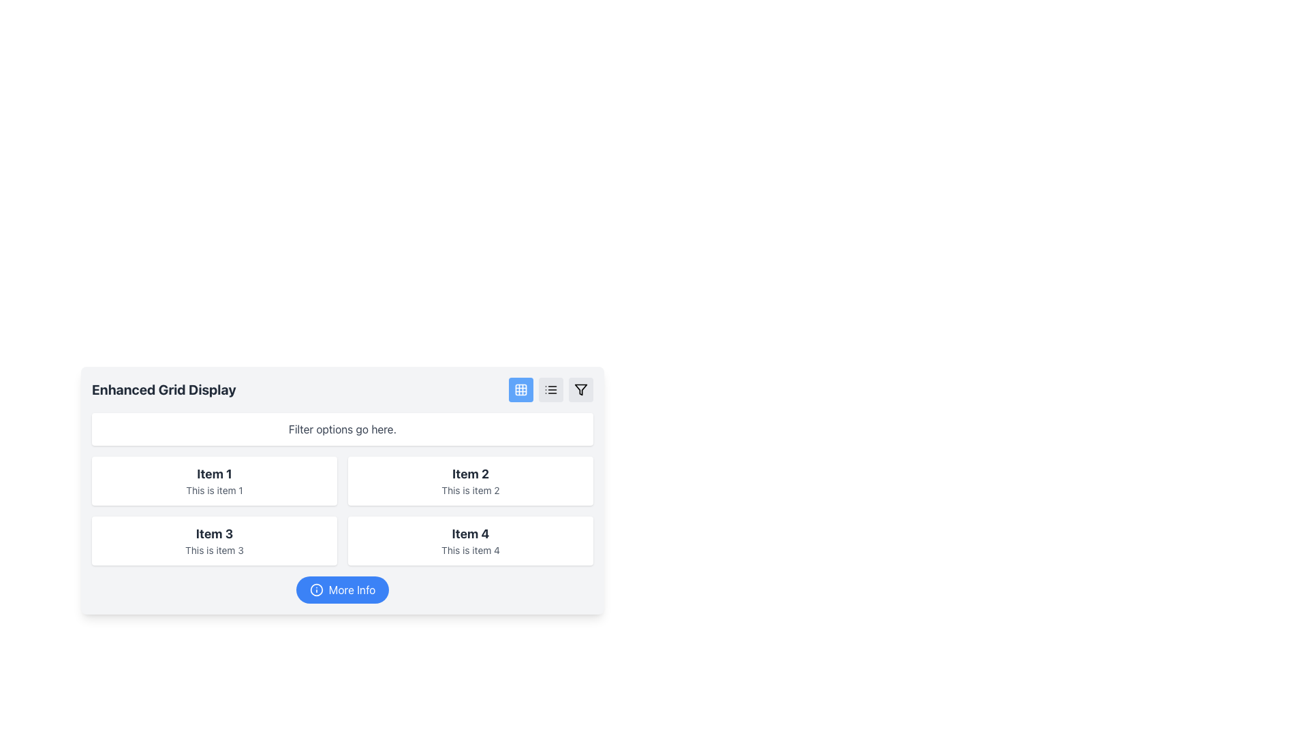 The image size is (1308, 735). Describe the element at coordinates (551, 390) in the screenshot. I see `the middle button in the row of three buttons, which has a gray background and a black list icon, to change its appearance` at that location.